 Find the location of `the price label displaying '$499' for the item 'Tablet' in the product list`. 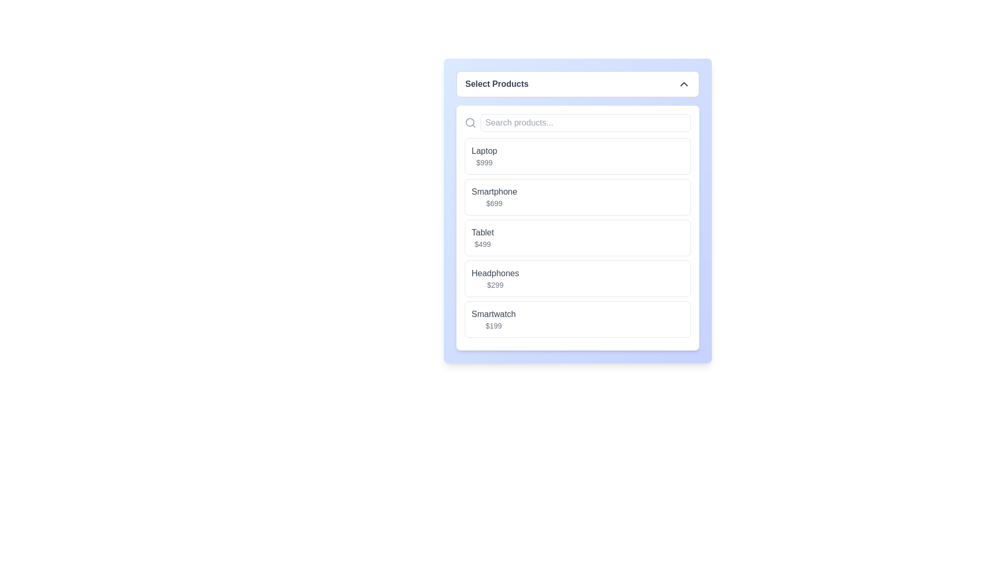

the price label displaying '$499' for the item 'Tablet' in the product list is located at coordinates (482, 244).